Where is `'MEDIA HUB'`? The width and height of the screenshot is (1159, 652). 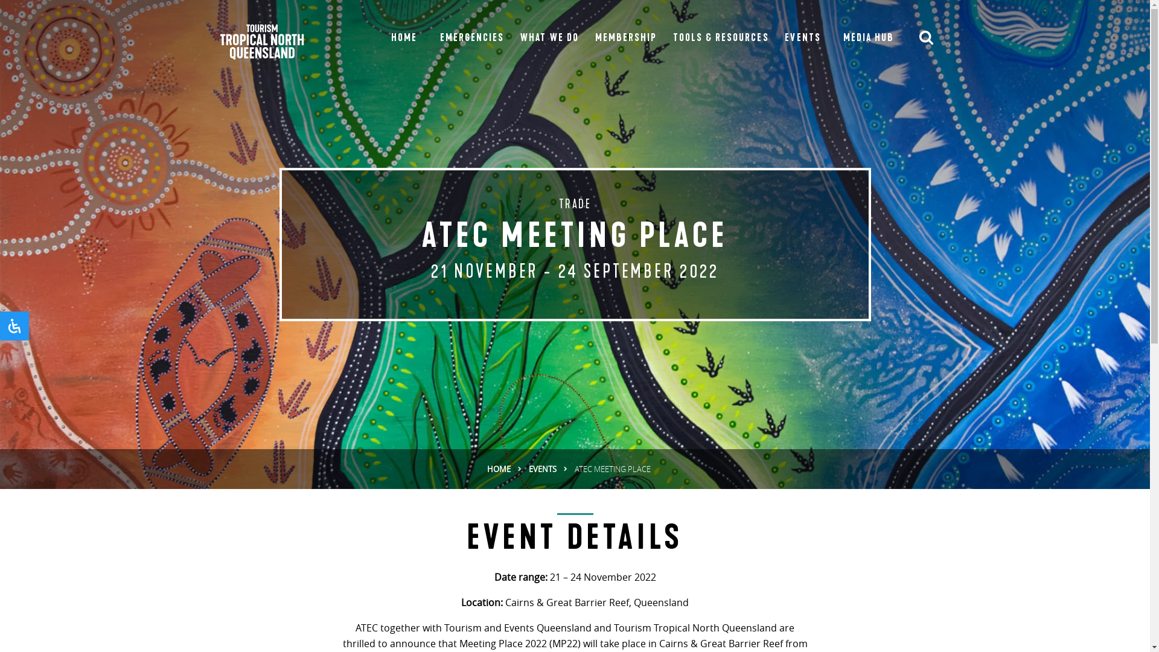
'MEDIA HUB' is located at coordinates (868, 37).